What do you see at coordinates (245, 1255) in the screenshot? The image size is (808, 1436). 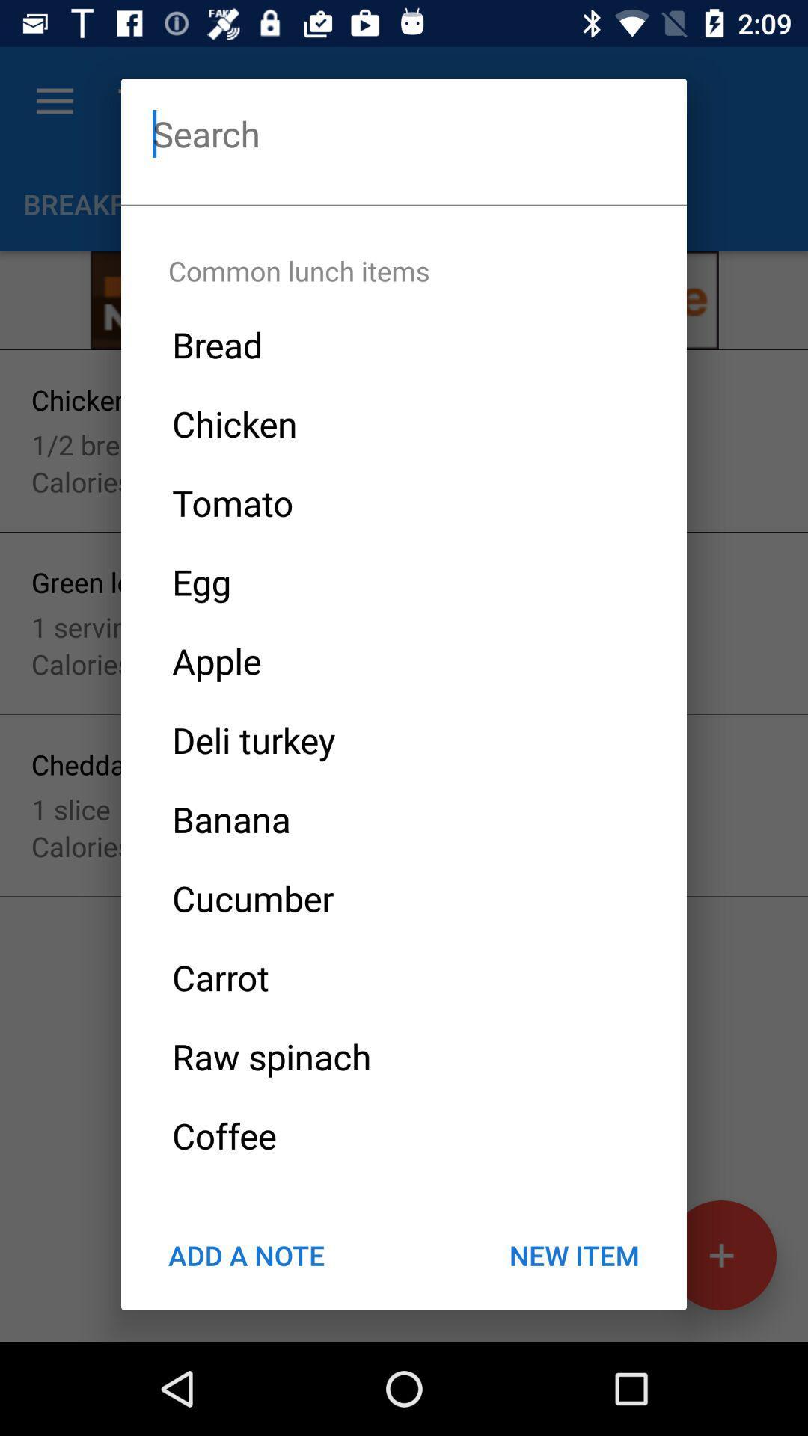 I see `the add a note icon` at bounding box center [245, 1255].